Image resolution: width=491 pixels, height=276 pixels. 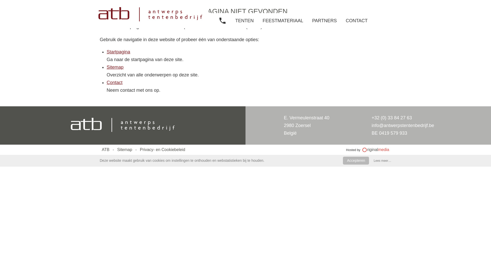 What do you see at coordinates (283, 20) in the screenshot?
I see `'FEESTMATERIAAL'` at bounding box center [283, 20].